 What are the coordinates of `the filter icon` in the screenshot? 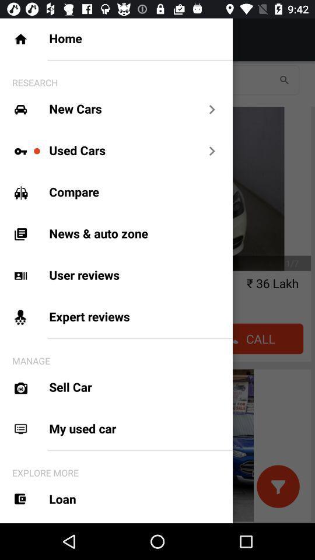 It's located at (277, 486).